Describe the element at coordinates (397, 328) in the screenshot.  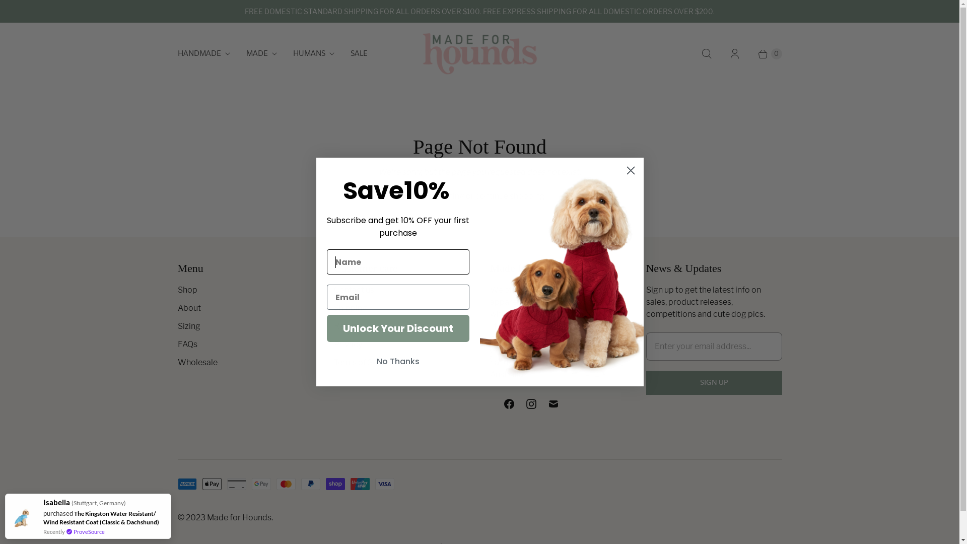
I see `'Unlock Your Discount'` at that location.